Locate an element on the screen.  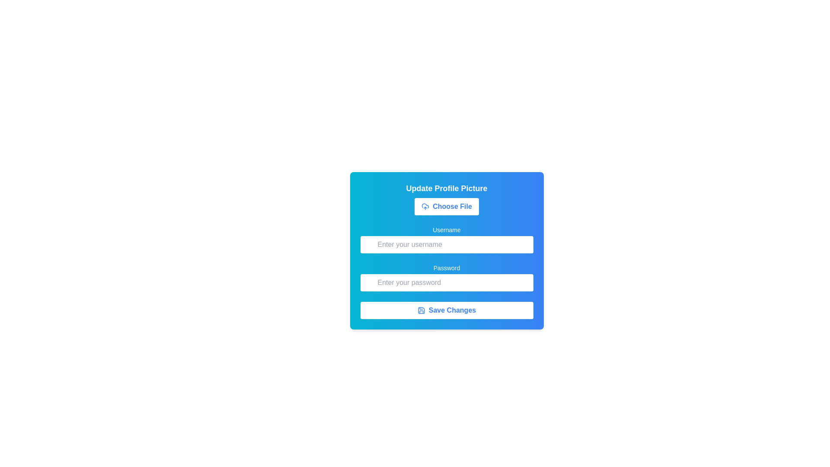
the 'Username' text label, which is a medium-sized white font label located at the top-middle of the form interface with a blue background gradient is located at coordinates (447, 230).